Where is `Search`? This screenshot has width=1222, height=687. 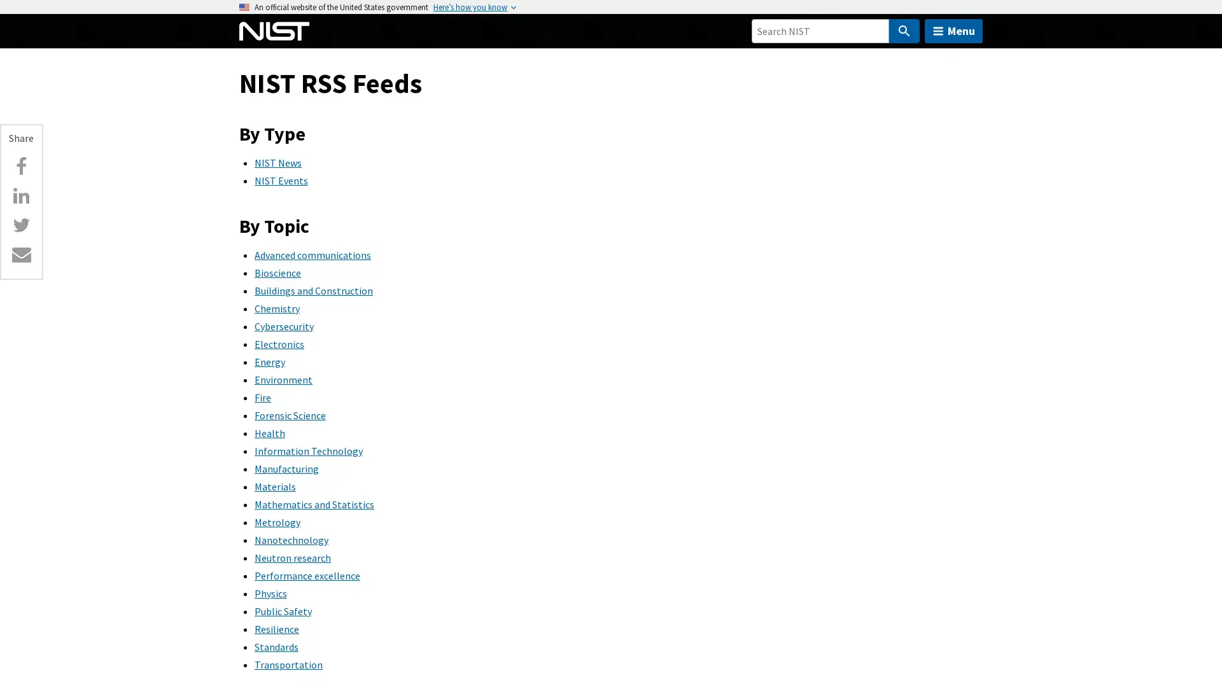
Search is located at coordinates (903, 31).